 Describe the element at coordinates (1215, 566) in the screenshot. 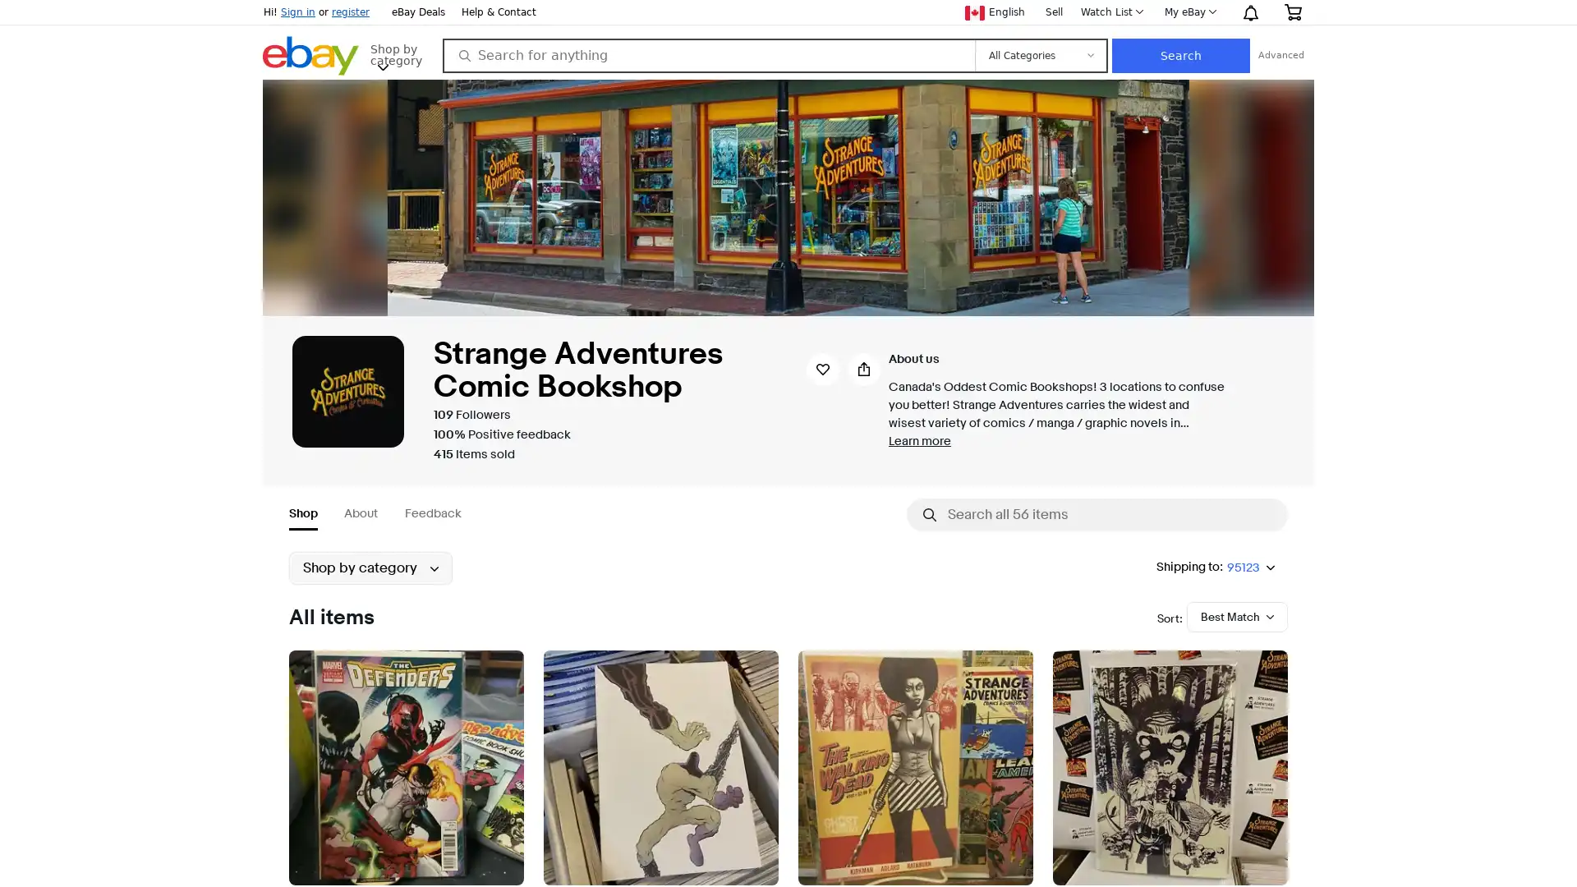

I see `Shipping to:95123` at that location.